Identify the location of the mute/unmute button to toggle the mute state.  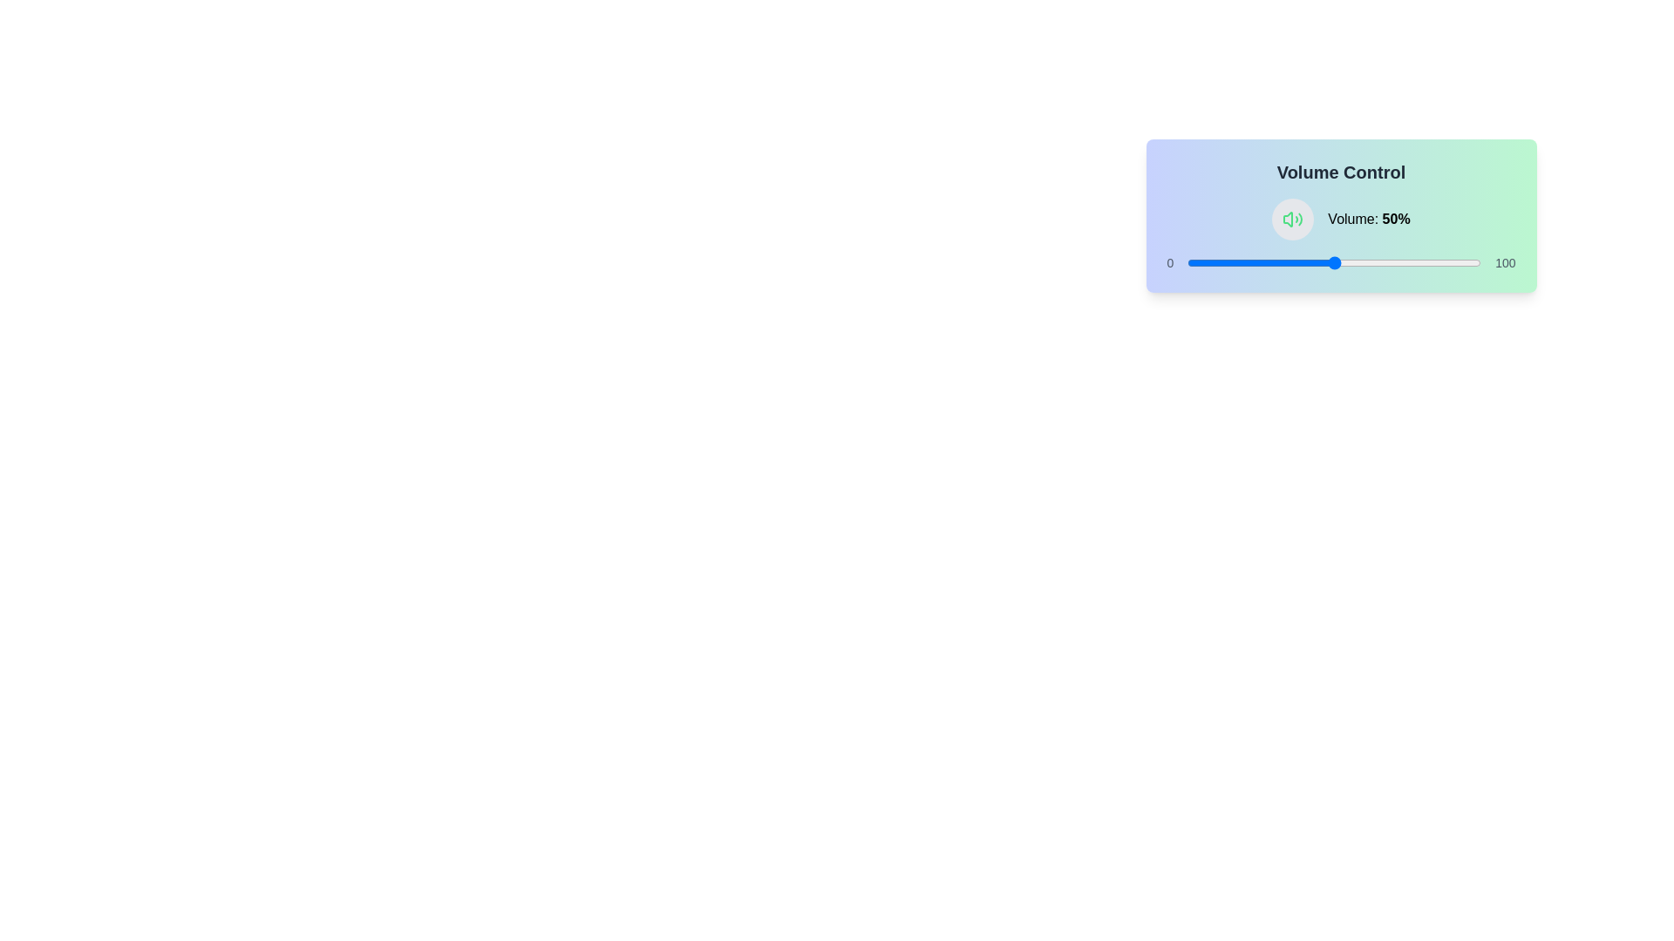
(1293, 218).